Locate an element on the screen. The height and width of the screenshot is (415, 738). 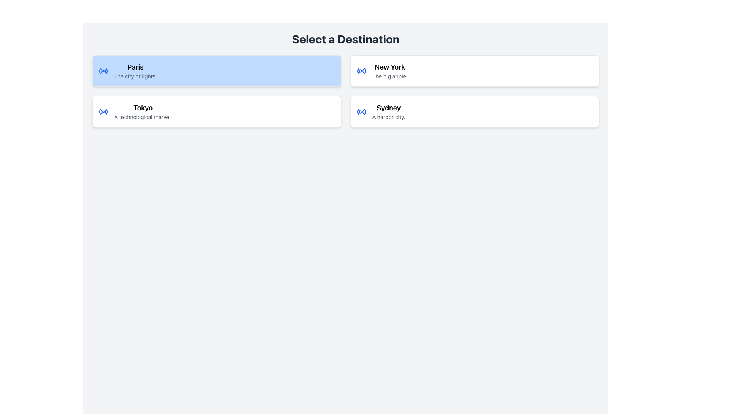
the Tokyo information card located in the second row, first column of a 2x2 grid layout is located at coordinates (216, 111).